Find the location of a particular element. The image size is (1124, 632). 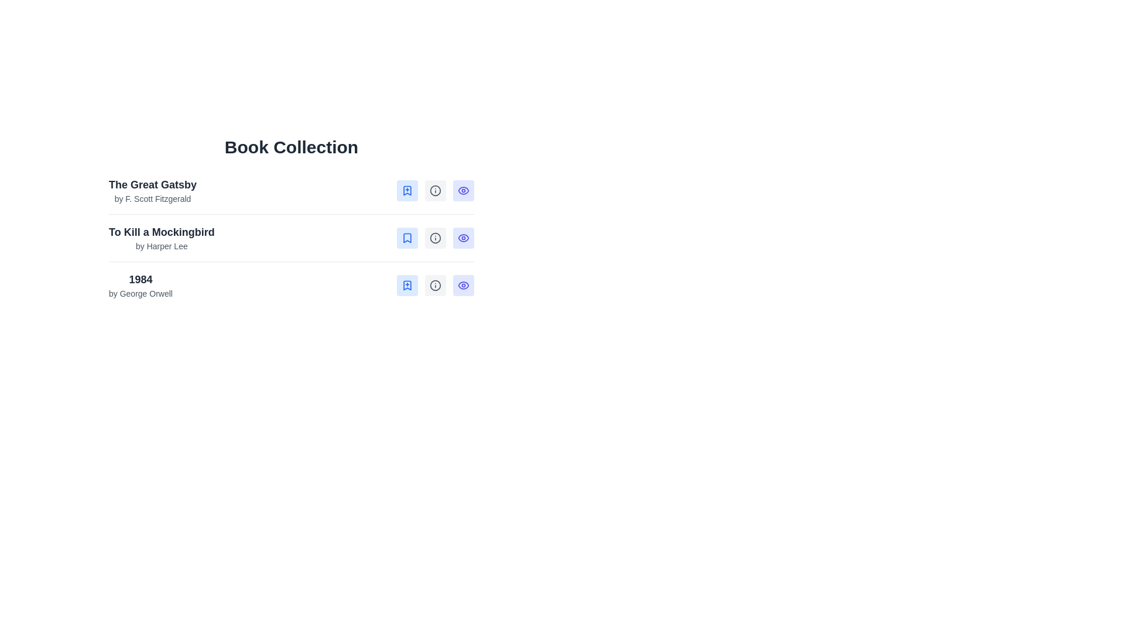

the bookmark button located to the right of 'The Great Gatsby' by F. Scott Fitzgerald to bookmark the associated item is located at coordinates (407, 190).